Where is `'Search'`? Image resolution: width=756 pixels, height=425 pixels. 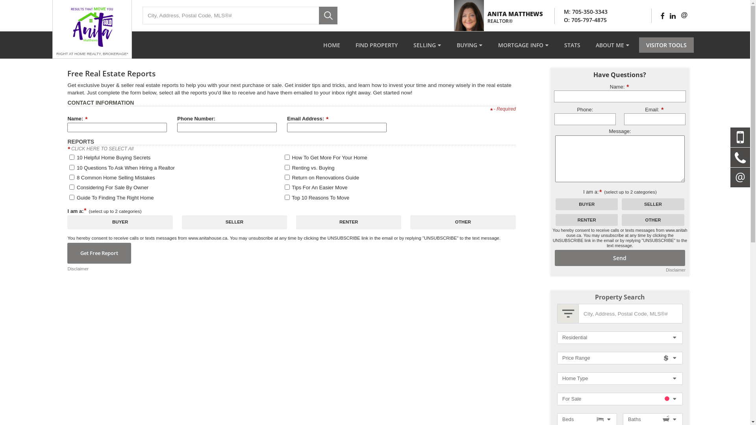 'Search' is located at coordinates (319, 15).